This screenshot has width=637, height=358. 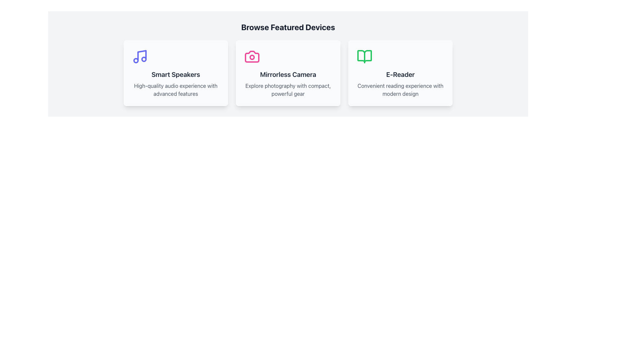 I want to click on text 'Mirrorless Camera' which serves as the title of the middle card in the row under 'Browse Featured Devices', so click(x=288, y=74).